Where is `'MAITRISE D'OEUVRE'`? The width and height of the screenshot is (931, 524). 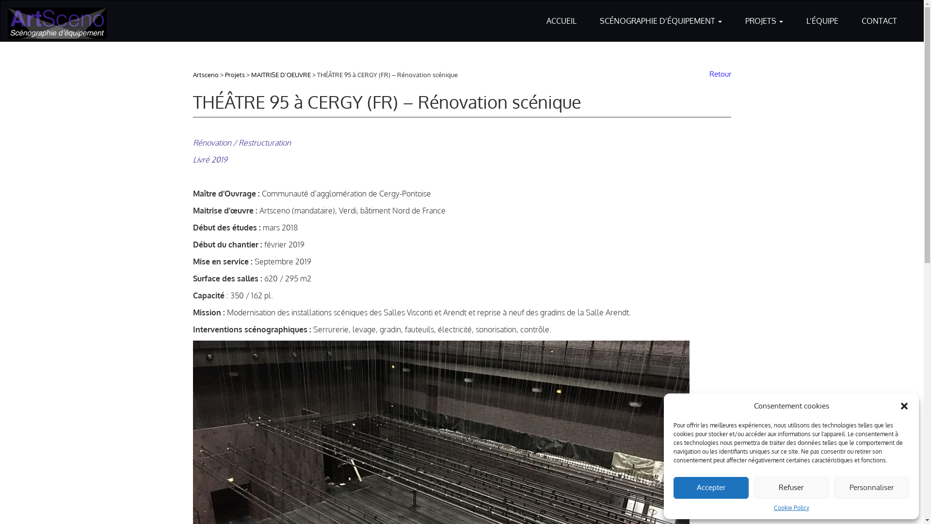
'MAITRISE D'OEUVRE' is located at coordinates (251, 74).